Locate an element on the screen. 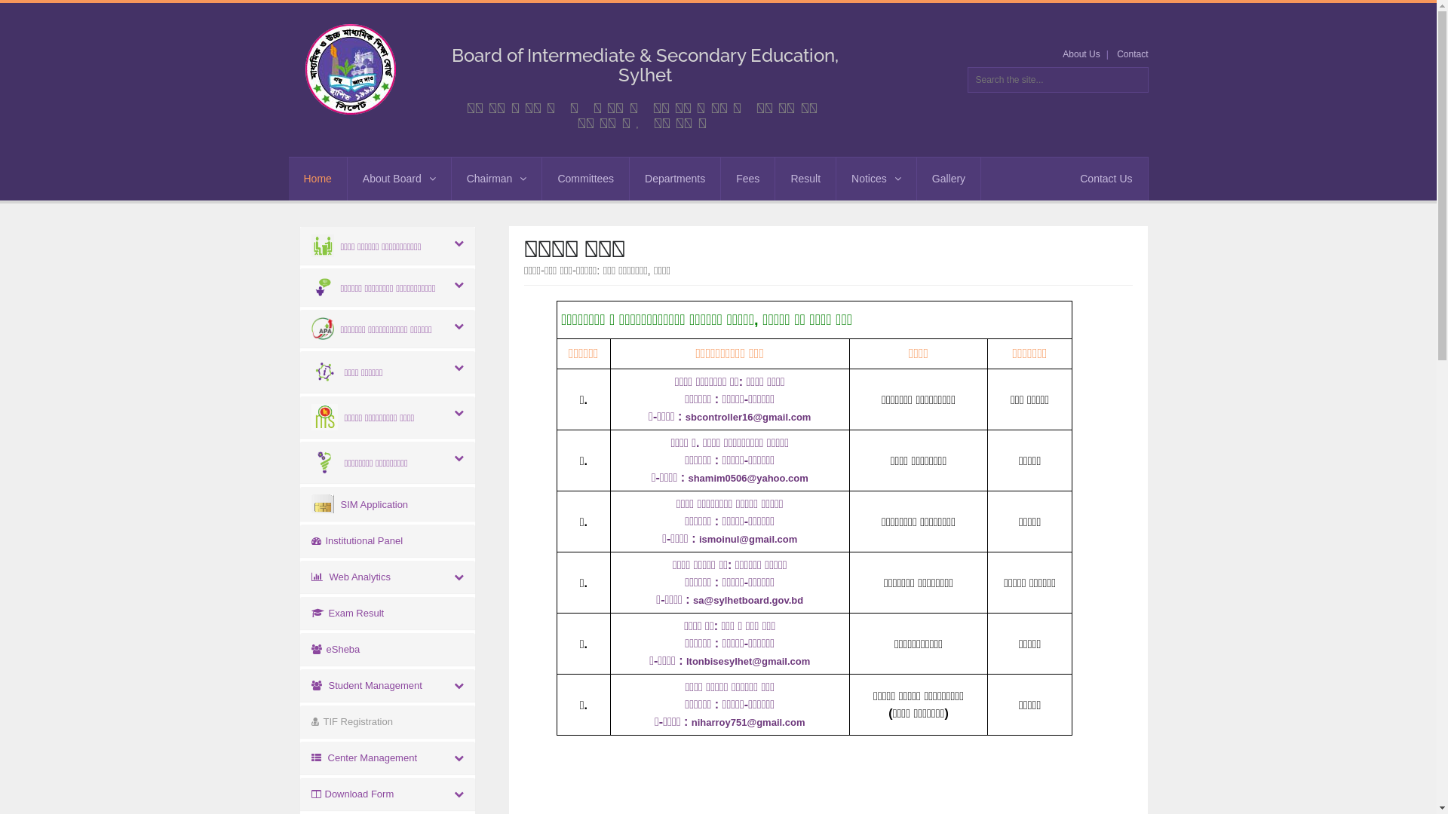 This screenshot has height=814, width=1448. 'Search the site...' is located at coordinates (1056, 79).